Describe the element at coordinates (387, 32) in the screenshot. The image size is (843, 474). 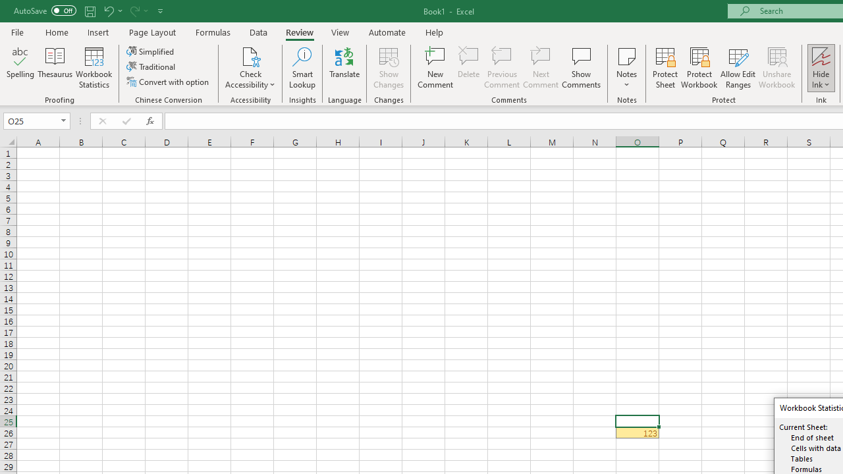
I see `'Automate'` at that location.